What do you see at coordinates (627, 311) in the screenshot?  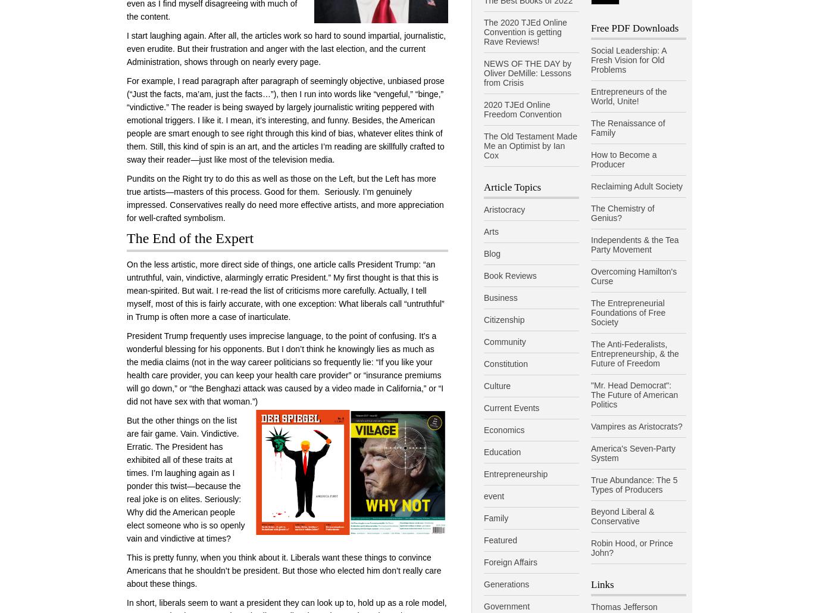 I see `'The Entrepreneurial Foundations of Free Society'` at bounding box center [627, 311].